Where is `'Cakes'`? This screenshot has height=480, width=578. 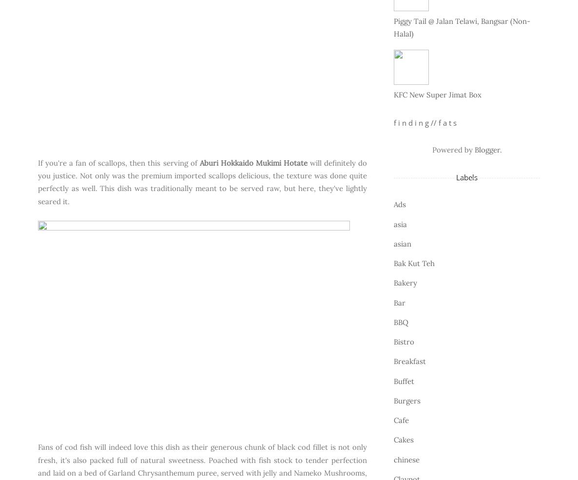
'Cakes' is located at coordinates (394, 440).